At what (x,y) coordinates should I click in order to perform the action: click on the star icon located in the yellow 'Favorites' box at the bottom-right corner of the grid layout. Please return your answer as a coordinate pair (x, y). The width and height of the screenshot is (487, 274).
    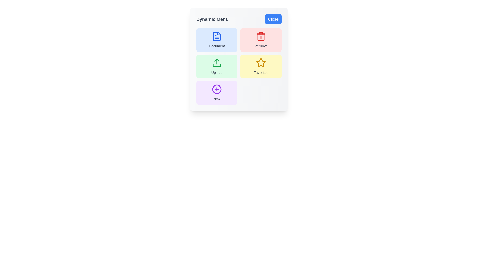
    Looking at the image, I should click on (261, 62).